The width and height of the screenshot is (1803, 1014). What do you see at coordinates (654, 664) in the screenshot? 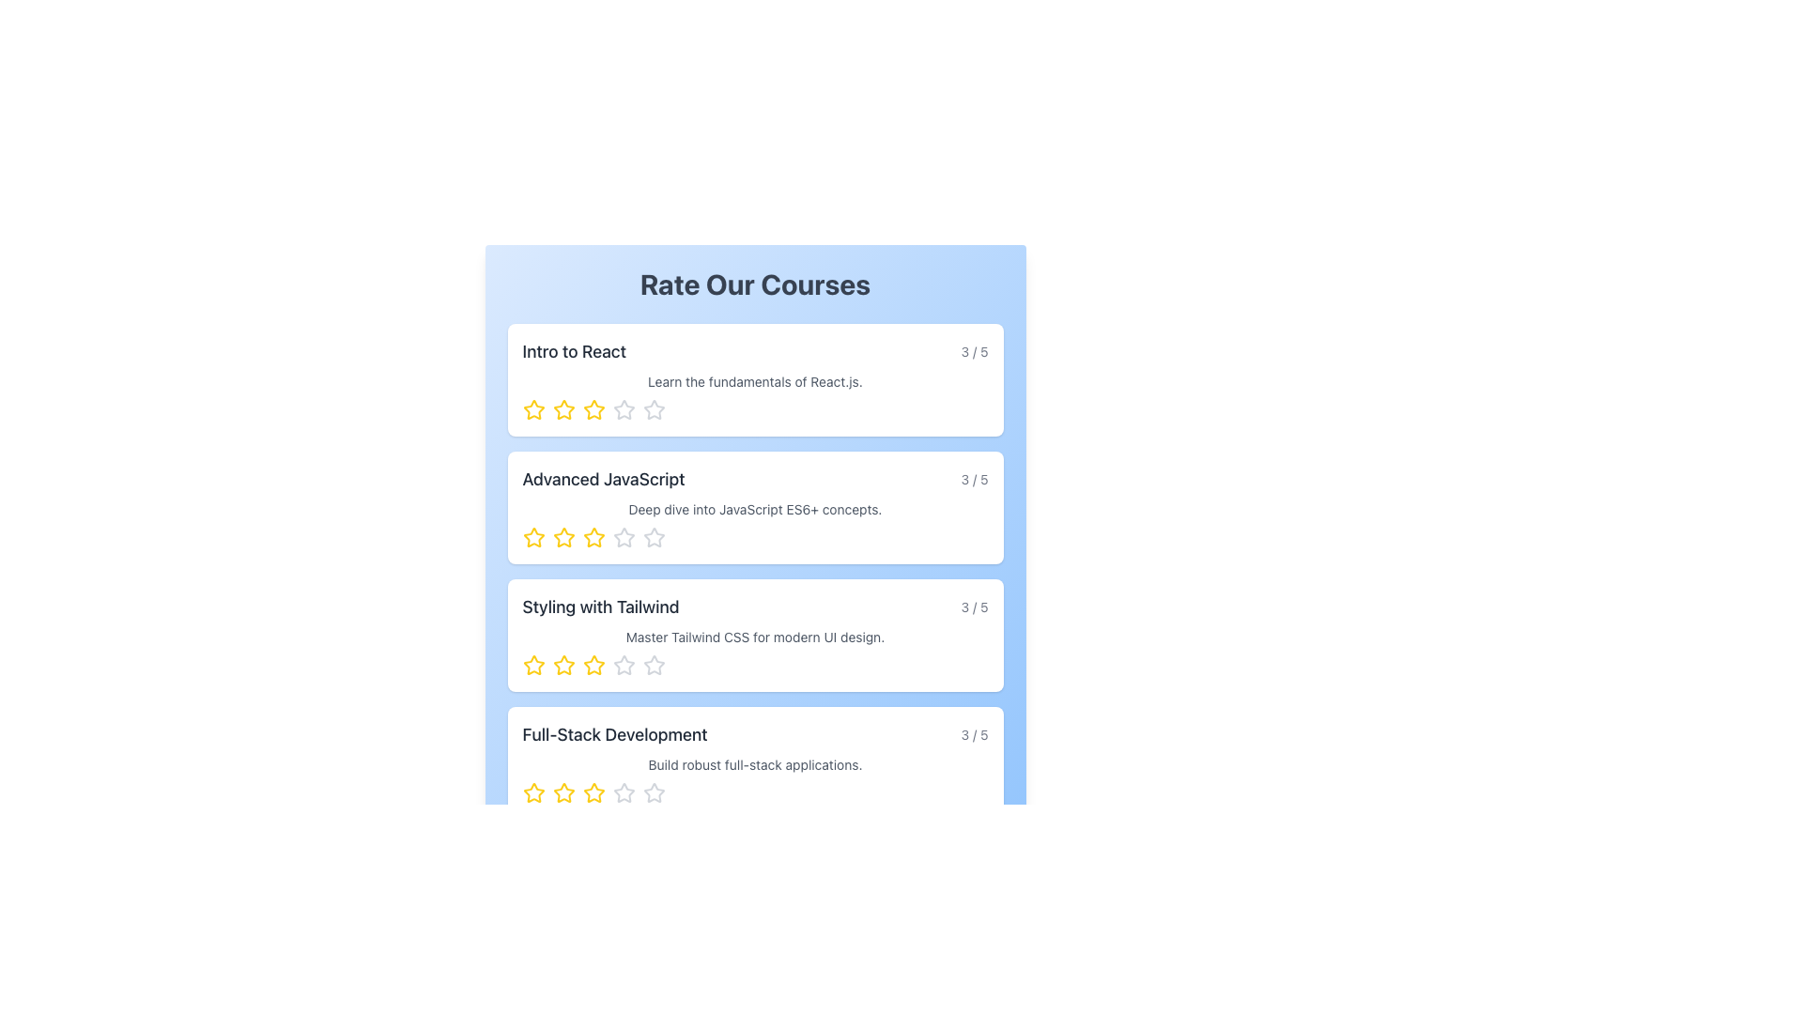
I see `the third star icon in the rating system of the 'Styling with Tailwind' course card to rate it` at bounding box center [654, 664].